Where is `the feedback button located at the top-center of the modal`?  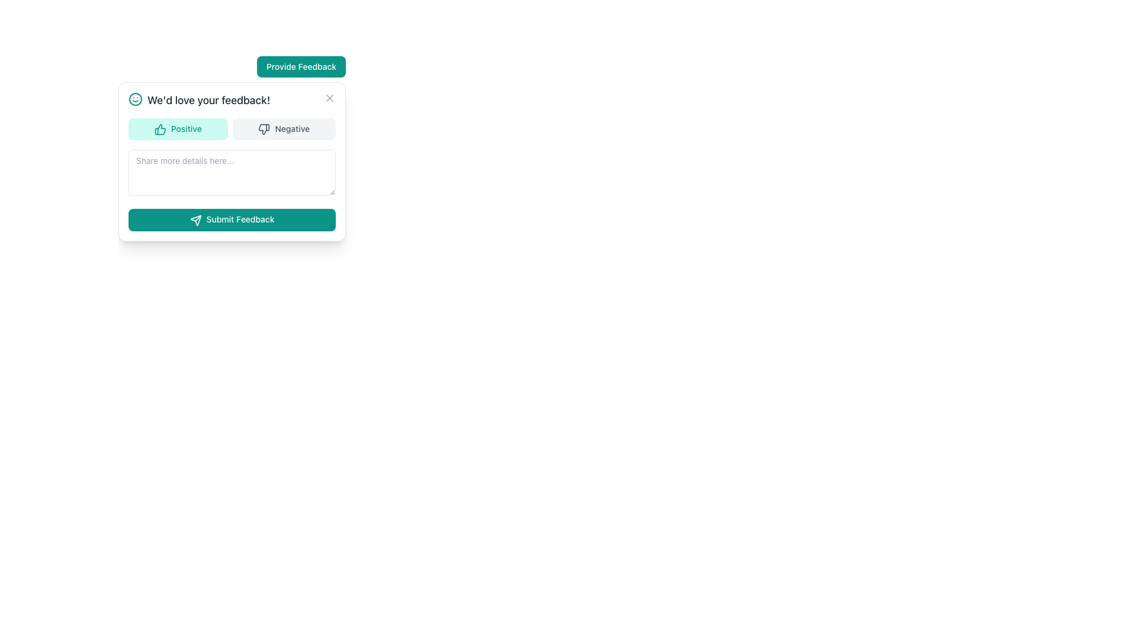 the feedback button located at the top-center of the modal is located at coordinates (301, 66).